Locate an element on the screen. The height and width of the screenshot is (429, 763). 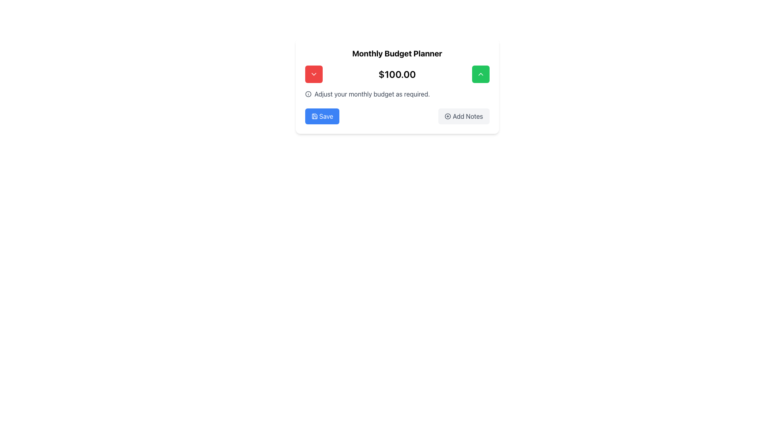
the 'Add Notes' button located on the right side of the Button Group at the bottom center of the 'Monthly Budget Planner' card is located at coordinates (397, 116).